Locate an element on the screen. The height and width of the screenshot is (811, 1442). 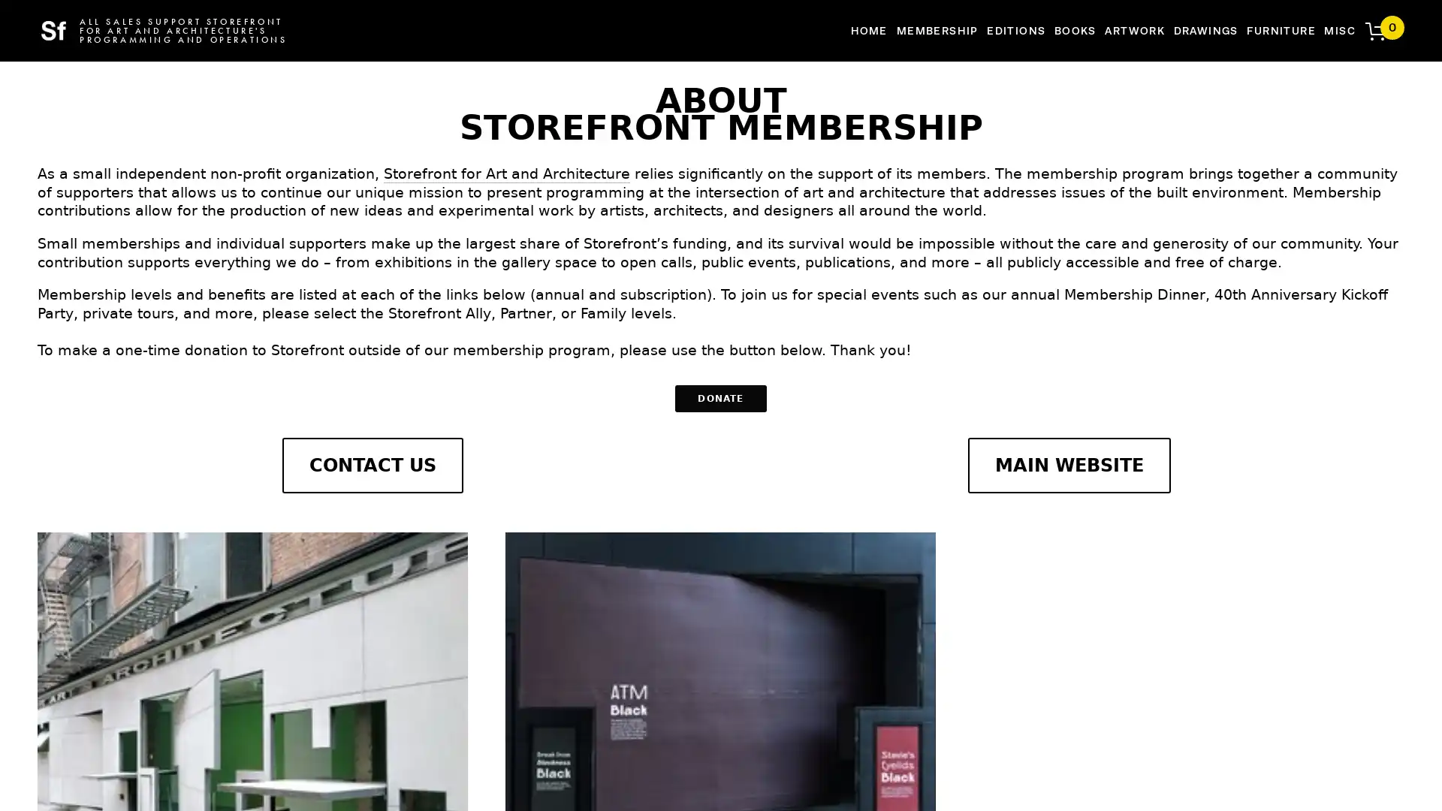
DONATE is located at coordinates (719, 398).